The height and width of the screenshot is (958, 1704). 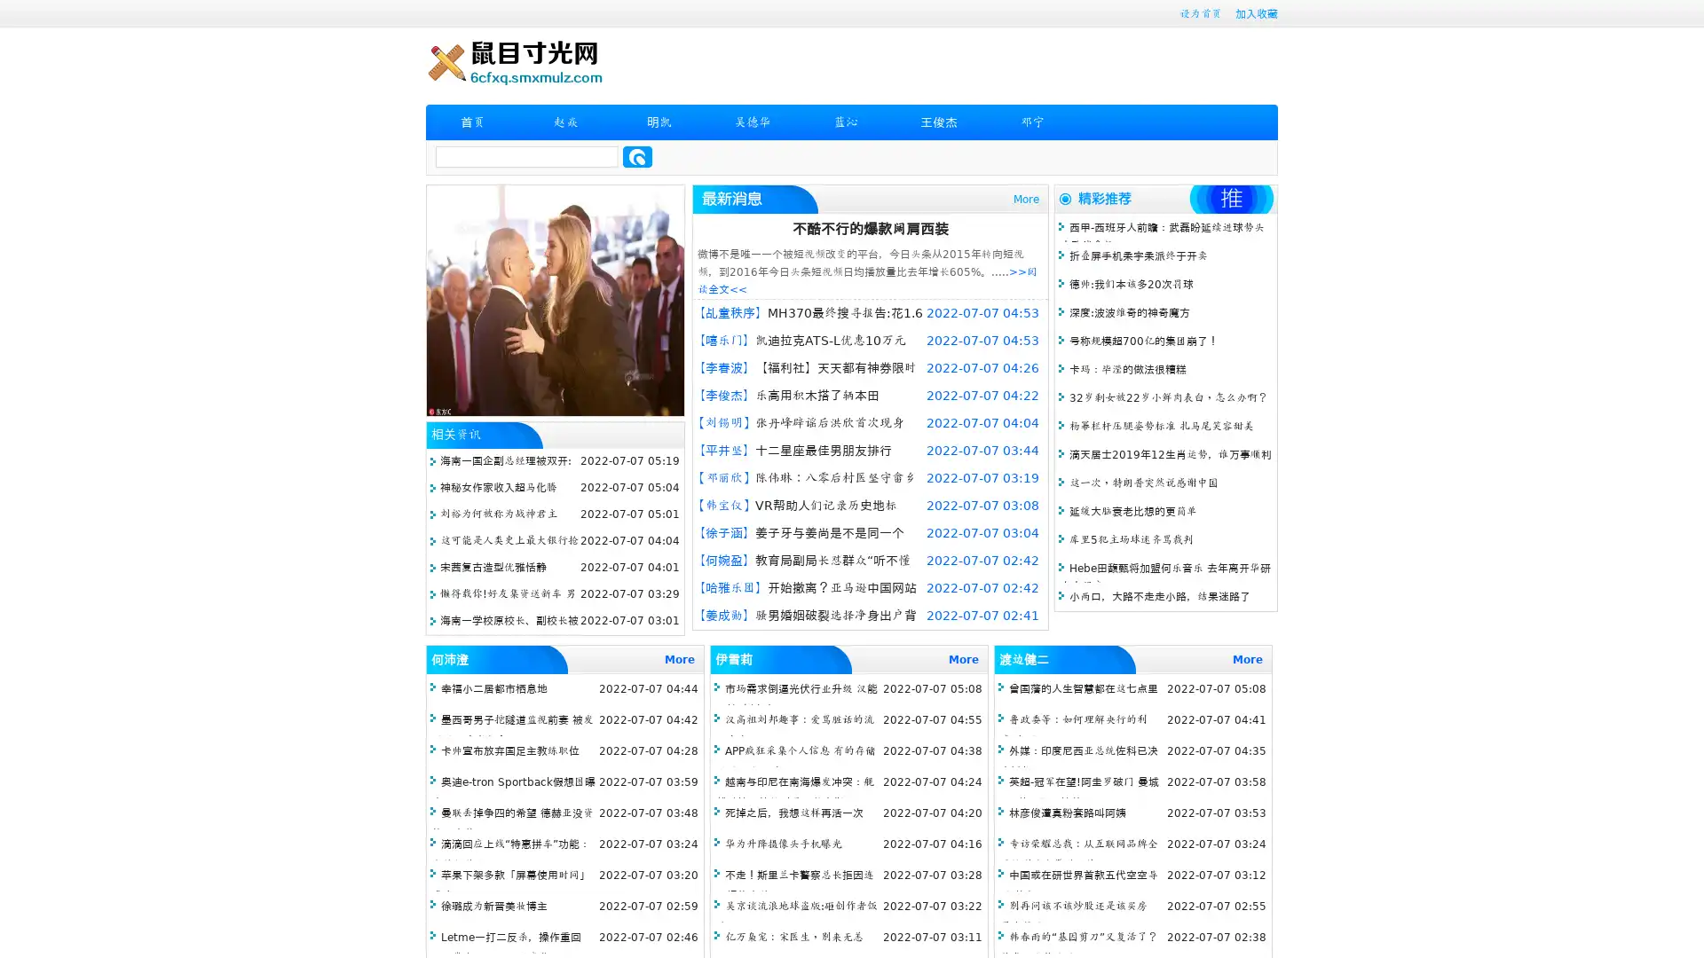 I want to click on Search, so click(x=637, y=156).